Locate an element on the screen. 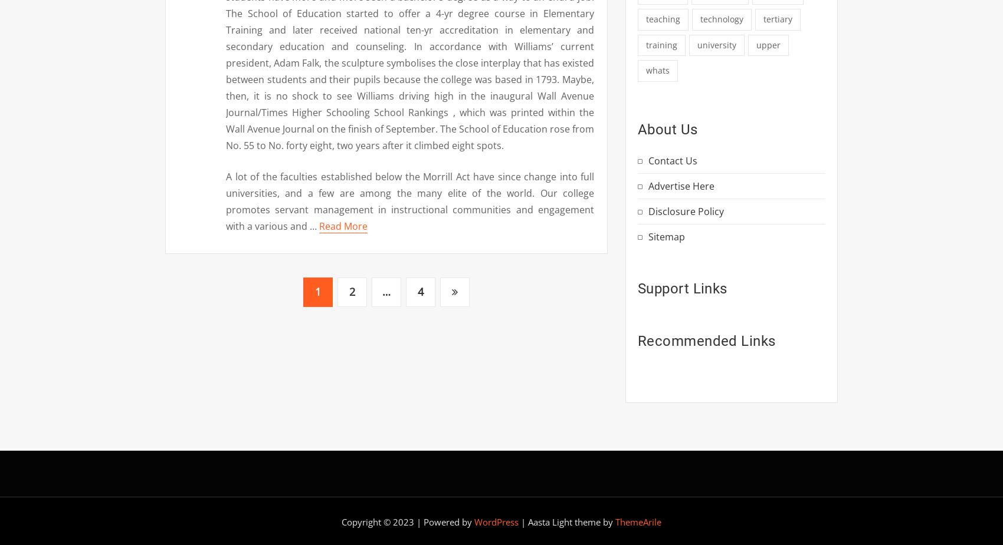 This screenshot has height=545, width=1003. '1' is located at coordinates (314, 291).